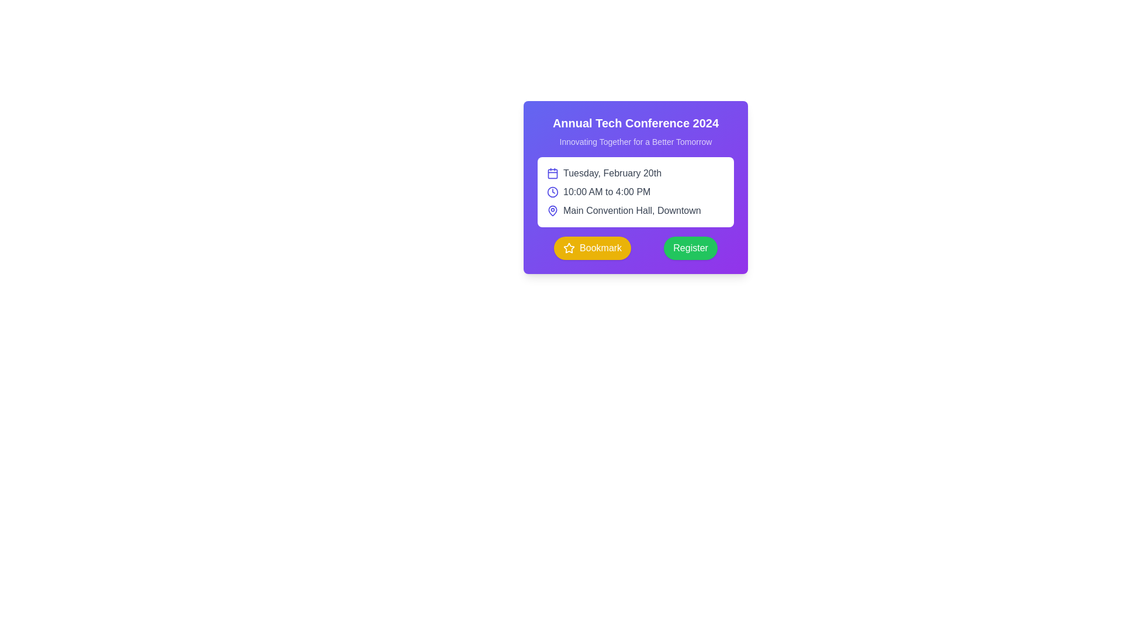 The height and width of the screenshot is (631, 1122). Describe the element at coordinates (569, 247) in the screenshot. I see `the visual styling of the star icon with rounded edges, which is filled in yellow and located within the 'Bookmark' button towards the lower left of the card interface` at that location.